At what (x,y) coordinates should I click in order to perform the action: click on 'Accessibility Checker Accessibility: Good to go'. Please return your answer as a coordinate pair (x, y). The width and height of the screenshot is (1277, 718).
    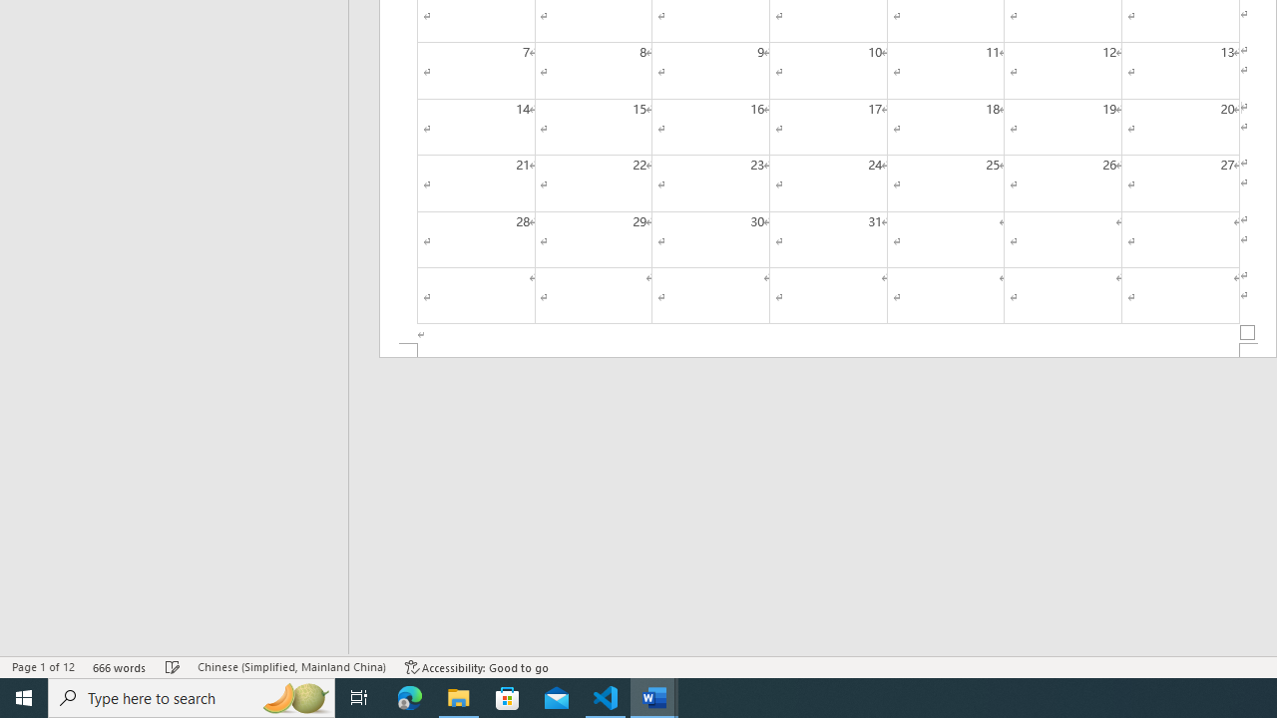
    Looking at the image, I should click on (476, 667).